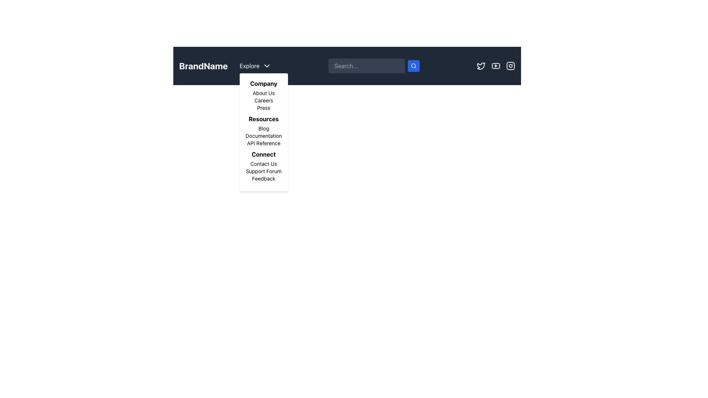 The width and height of the screenshot is (708, 398). I want to click on the 'Careers' text link, which is the second item in the 'Company' sub-menu, to trigger the underline styling, so click(264, 101).